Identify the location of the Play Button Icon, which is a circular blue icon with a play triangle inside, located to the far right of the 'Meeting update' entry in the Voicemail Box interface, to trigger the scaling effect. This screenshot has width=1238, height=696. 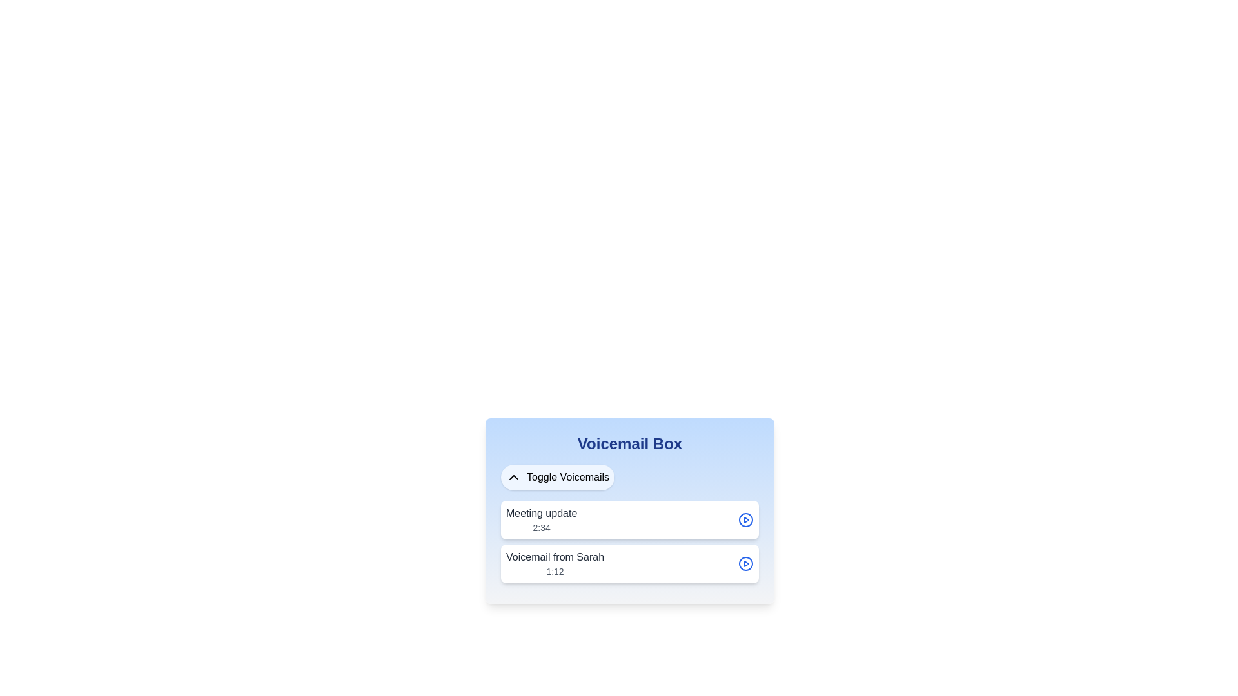
(745, 519).